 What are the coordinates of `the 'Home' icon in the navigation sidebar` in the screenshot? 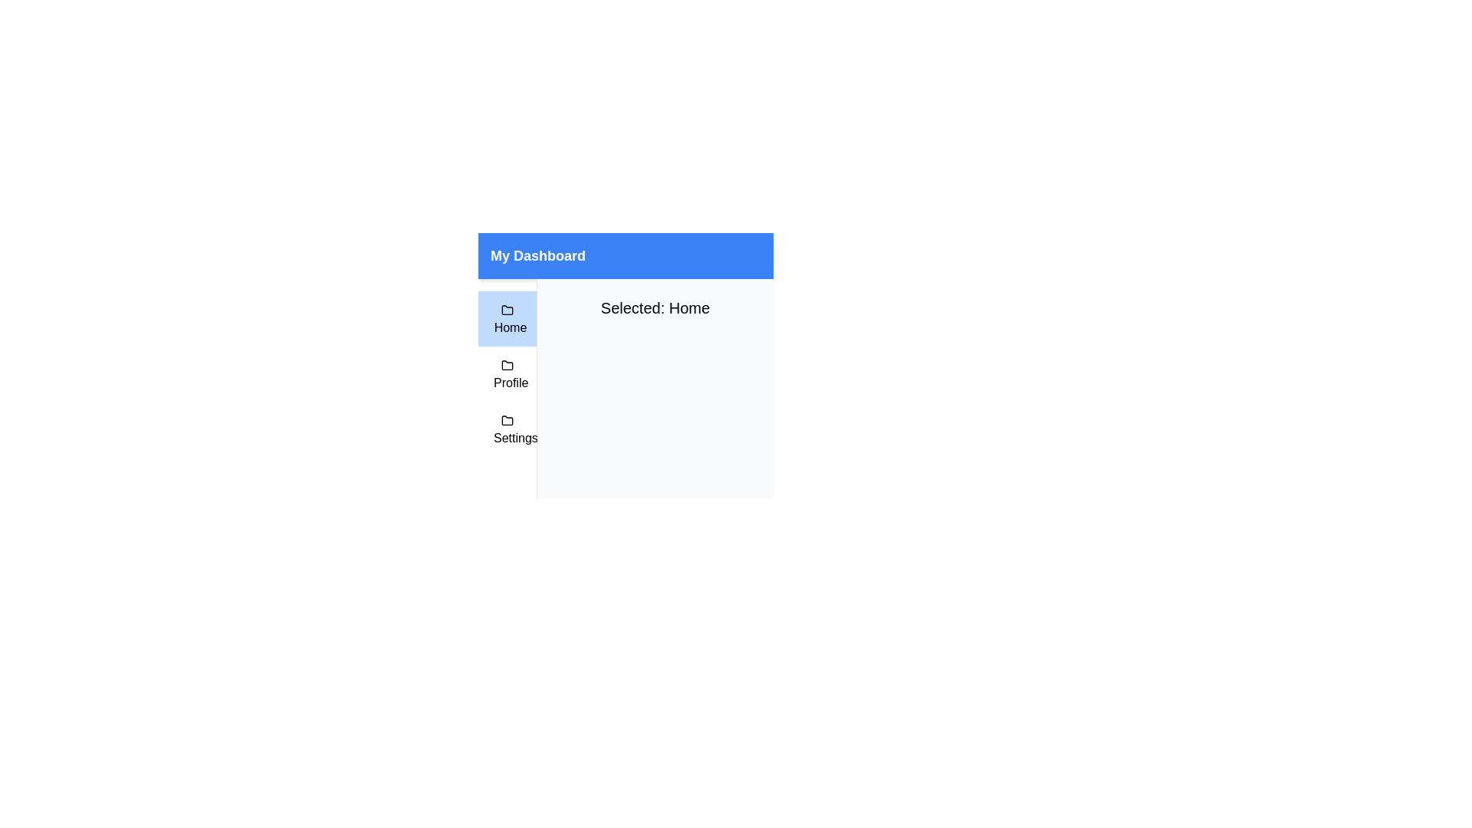 It's located at (508, 310).